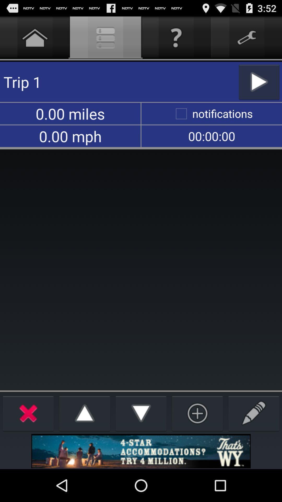 The width and height of the screenshot is (282, 502). What do you see at coordinates (28, 413) in the screenshot?
I see `cancel trip recording` at bounding box center [28, 413].